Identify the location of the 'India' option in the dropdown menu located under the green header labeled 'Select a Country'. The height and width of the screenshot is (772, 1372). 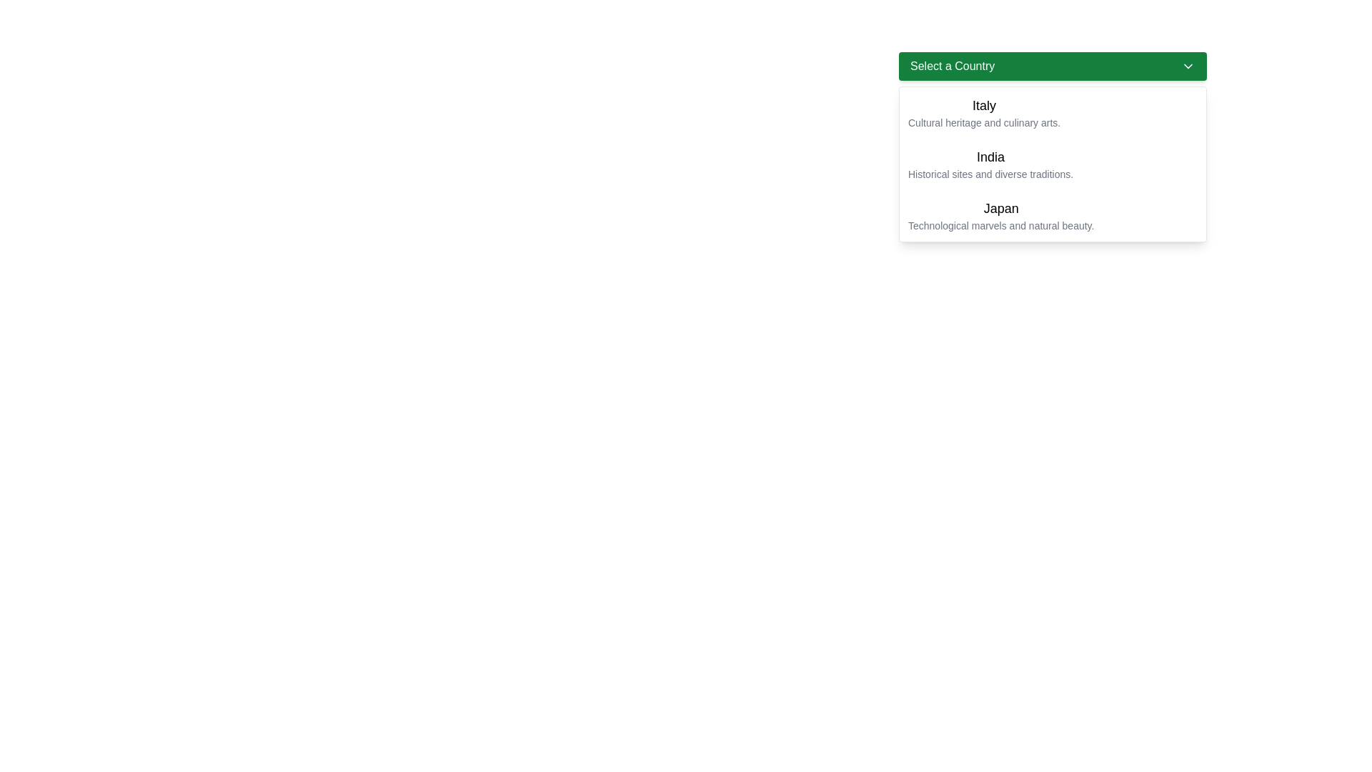
(1053, 164).